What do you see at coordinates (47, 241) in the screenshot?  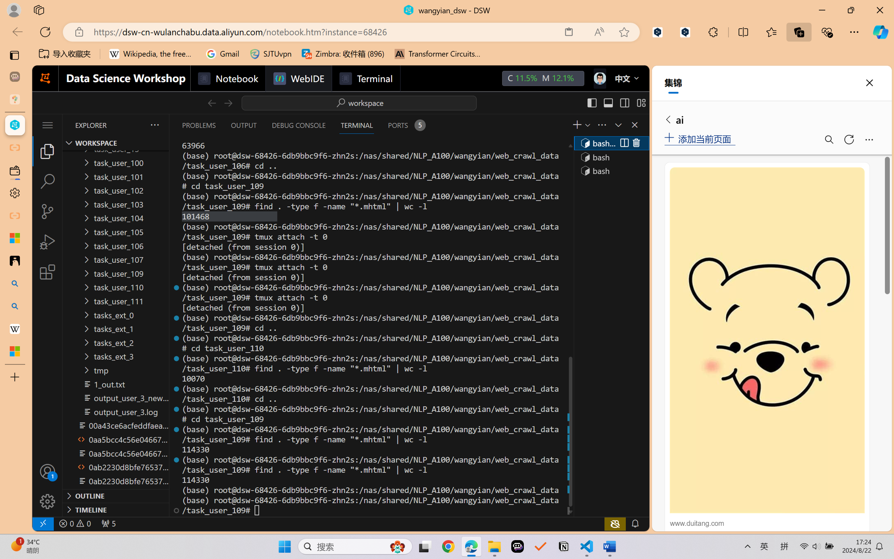 I see `'Run and Debug (Ctrl+Shift+D)'` at bounding box center [47, 241].